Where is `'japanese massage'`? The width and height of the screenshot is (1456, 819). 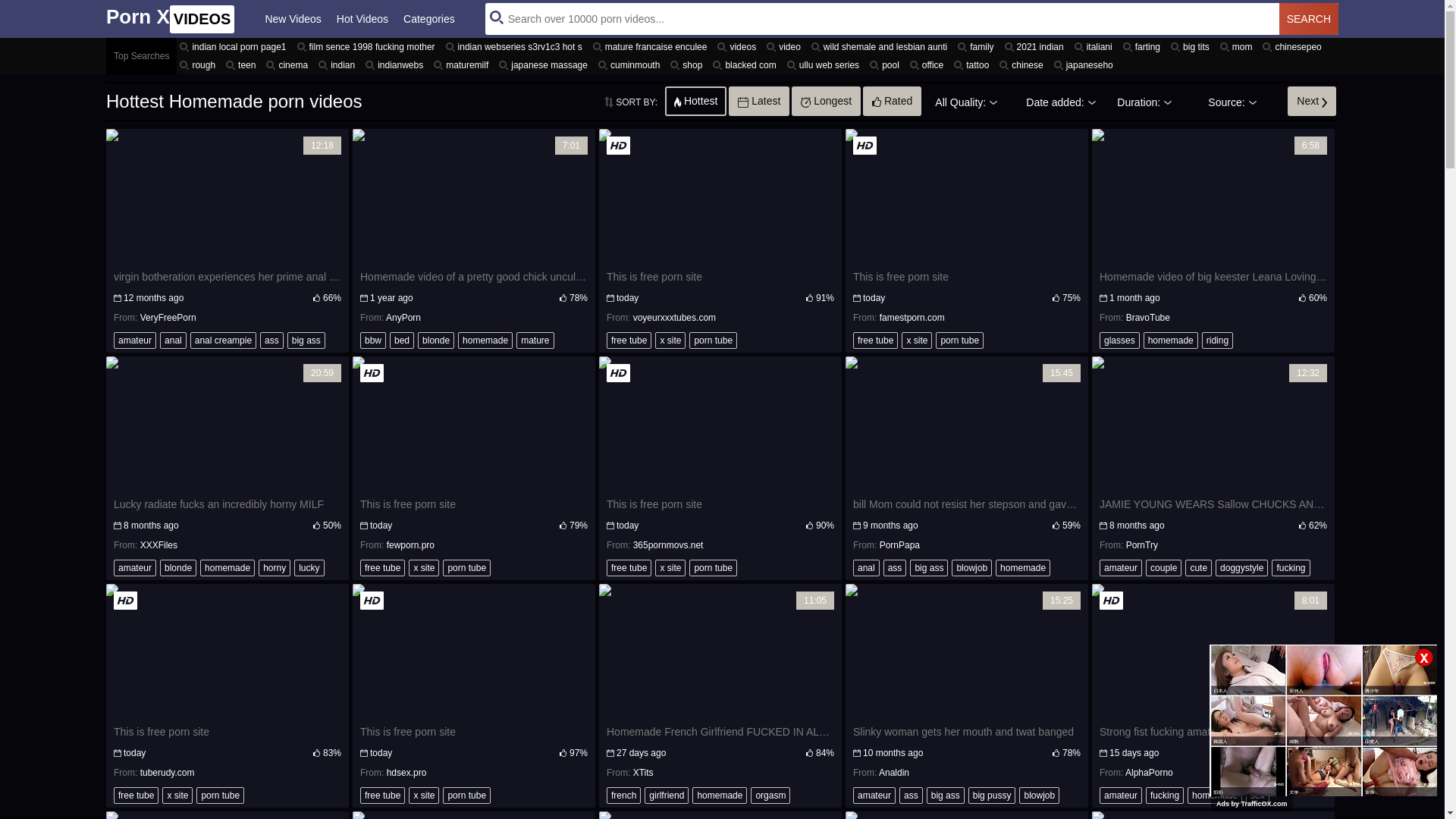 'japanese massage' is located at coordinates (545, 64).